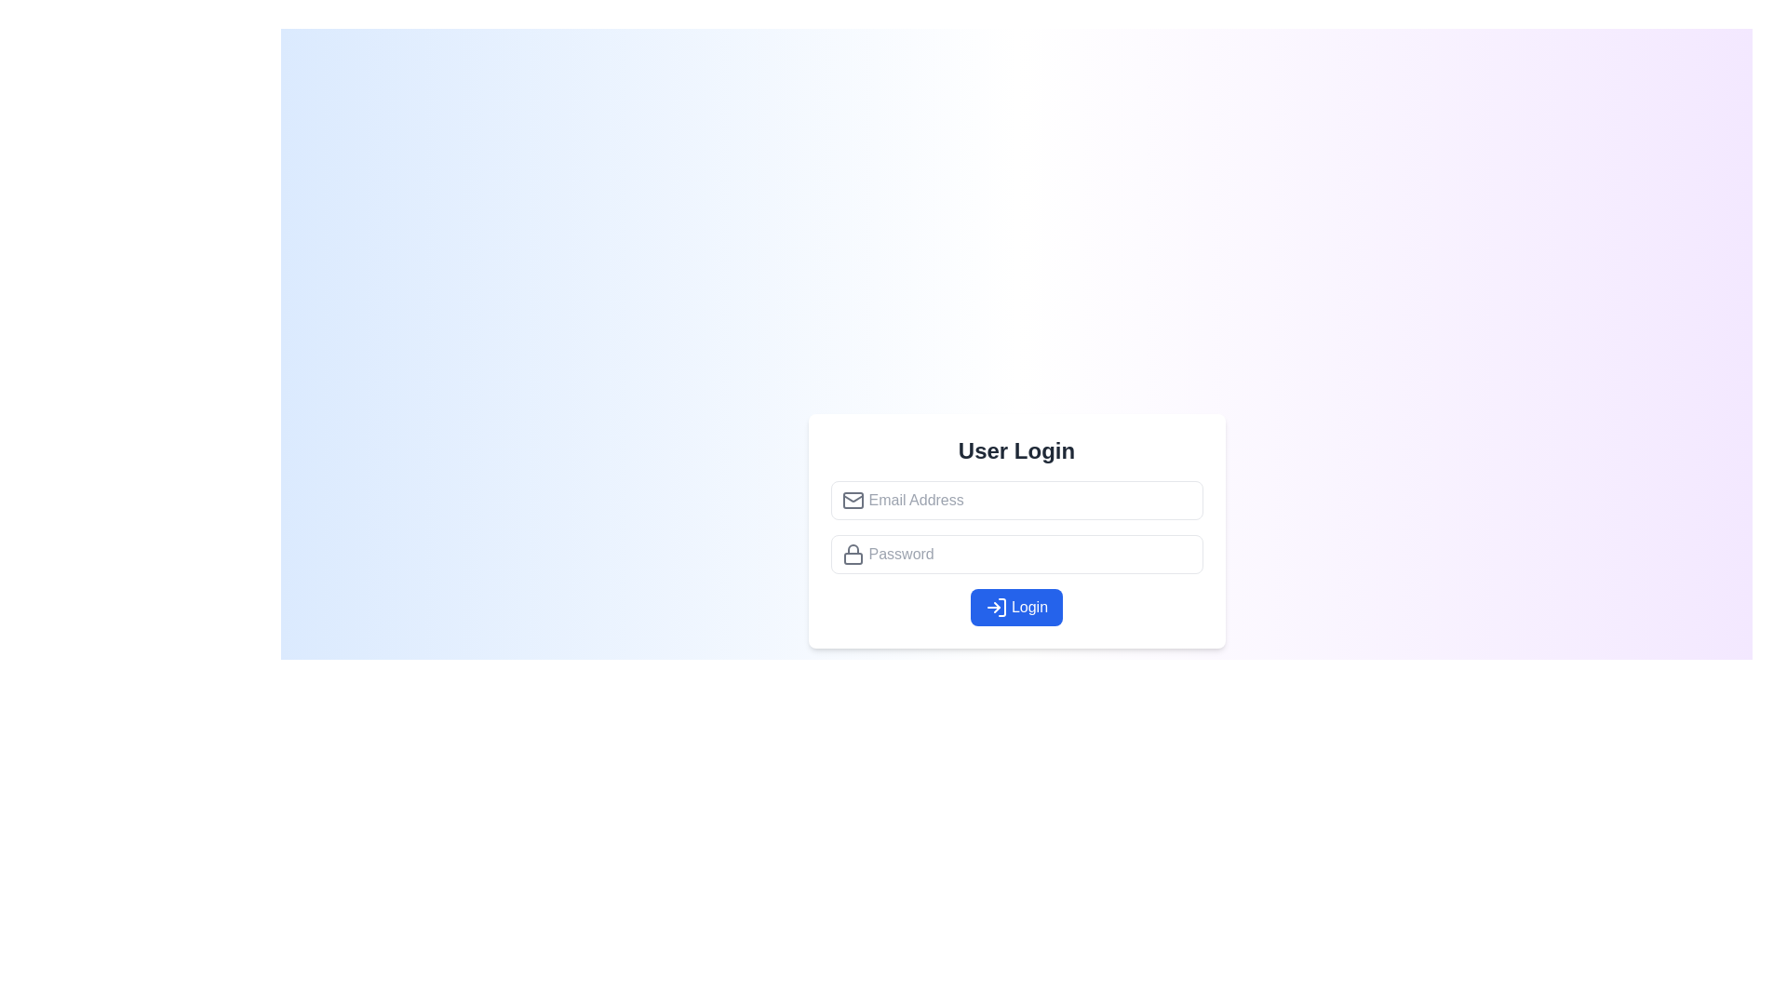 The height and width of the screenshot is (1005, 1787). What do you see at coordinates (852, 554) in the screenshot?
I see `the gray lock icon located above the password input field in the second input block beneath the 'User Login' heading` at bounding box center [852, 554].